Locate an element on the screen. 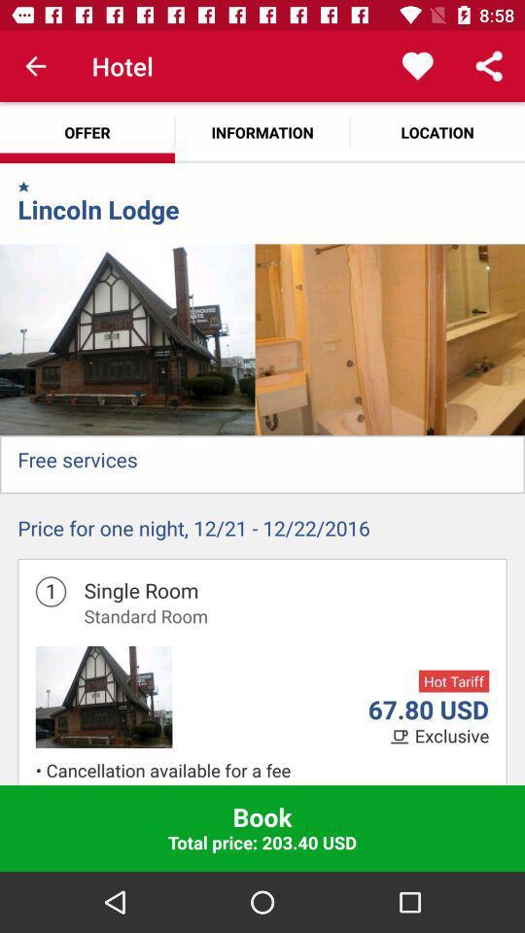 The image size is (525, 933). item below the 67.80 usd icon is located at coordinates (401, 736).